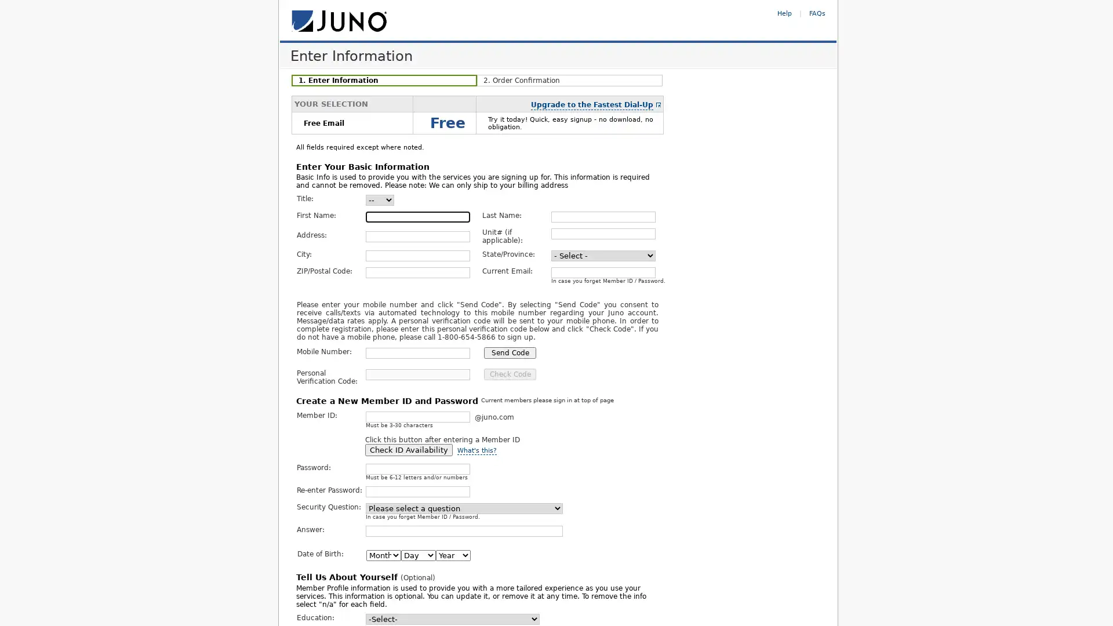 This screenshot has width=1113, height=626. What do you see at coordinates (510, 352) in the screenshot?
I see `Send Code` at bounding box center [510, 352].